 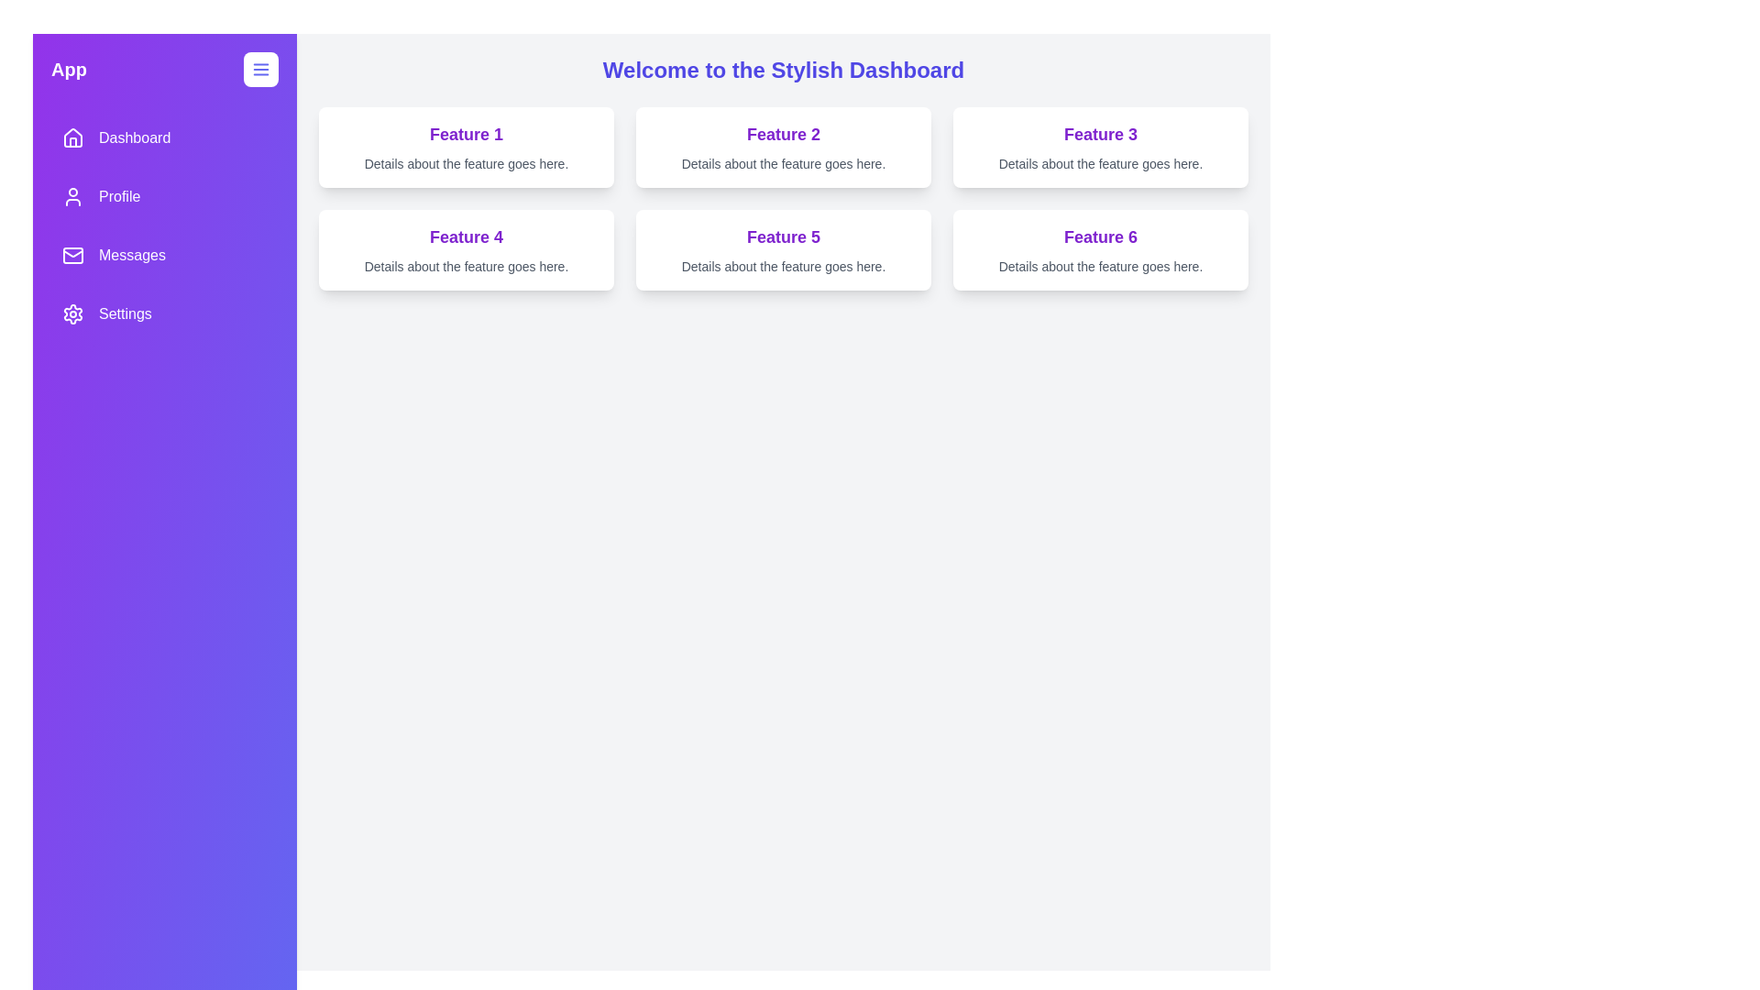 What do you see at coordinates (1100, 133) in the screenshot?
I see `the text label that serves as the title for the card labeled 'Feature 3', which is positioned at the top-center of the card above the description text` at bounding box center [1100, 133].